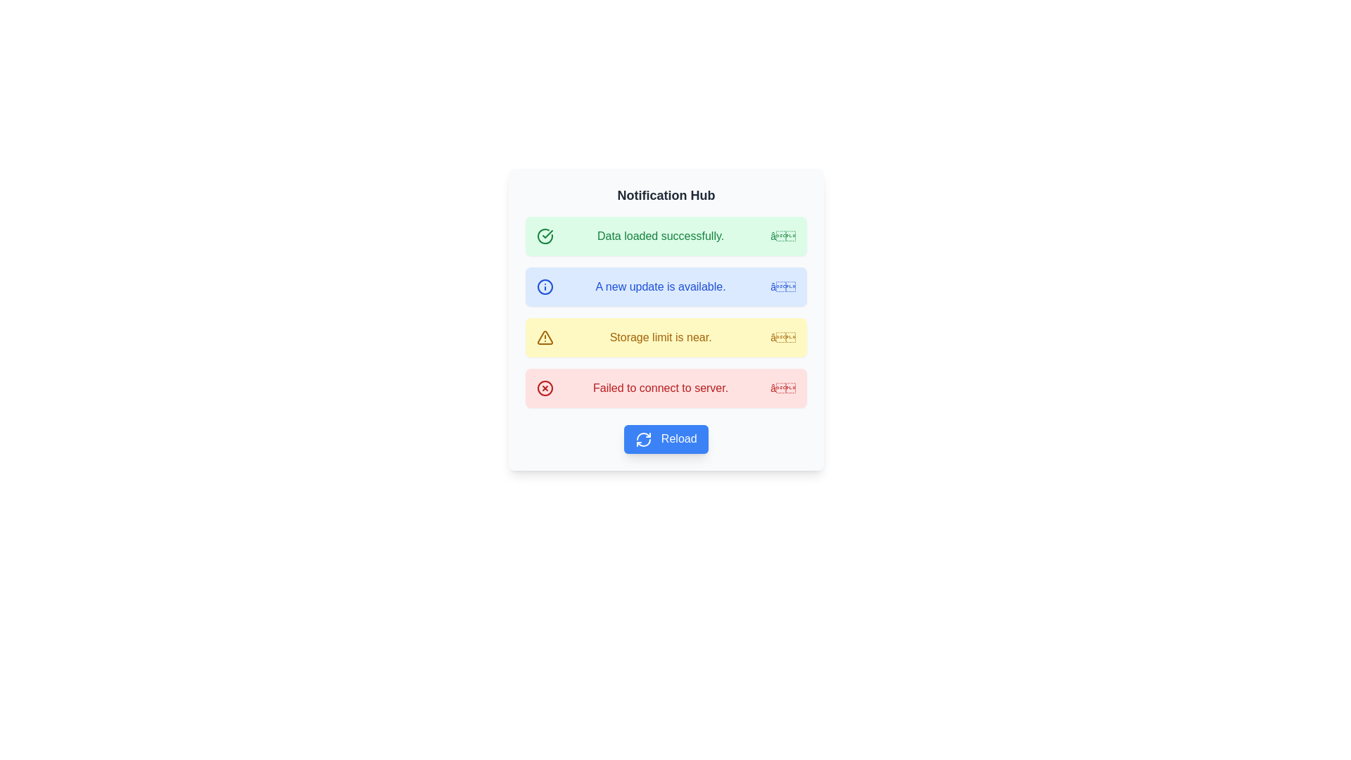 The image size is (1351, 760). Describe the element at coordinates (660, 388) in the screenshot. I see `the informational error message Text label indicating a failure to connect to the server, located in the bottom-most card with a red background in the notification list` at that location.